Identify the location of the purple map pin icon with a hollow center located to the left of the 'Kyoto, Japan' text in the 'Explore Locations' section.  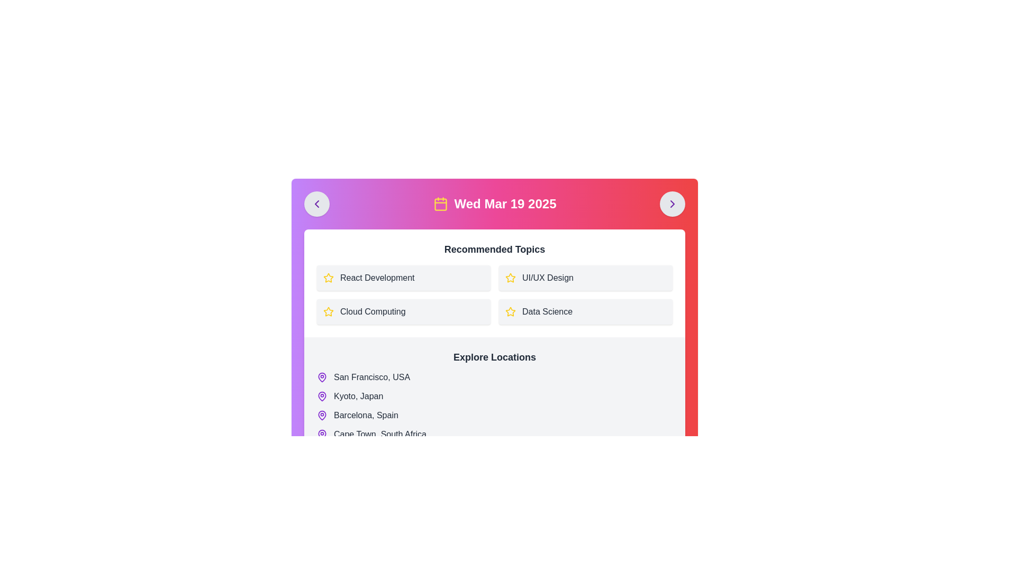
(322, 396).